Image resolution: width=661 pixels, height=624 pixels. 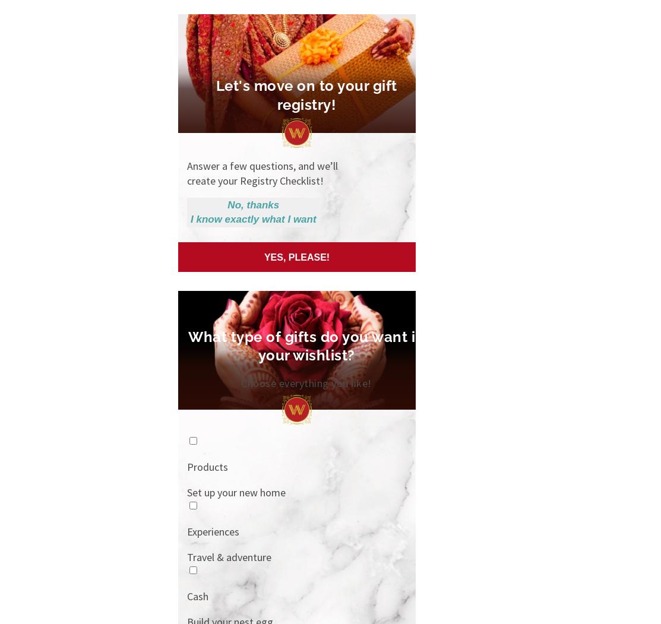 What do you see at coordinates (207, 465) in the screenshot?
I see `'Products'` at bounding box center [207, 465].